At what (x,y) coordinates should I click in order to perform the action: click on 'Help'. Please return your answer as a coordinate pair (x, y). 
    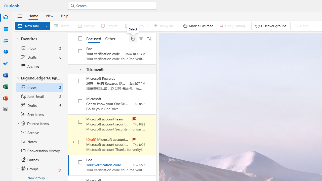
    Looking at the image, I should click on (64, 15).